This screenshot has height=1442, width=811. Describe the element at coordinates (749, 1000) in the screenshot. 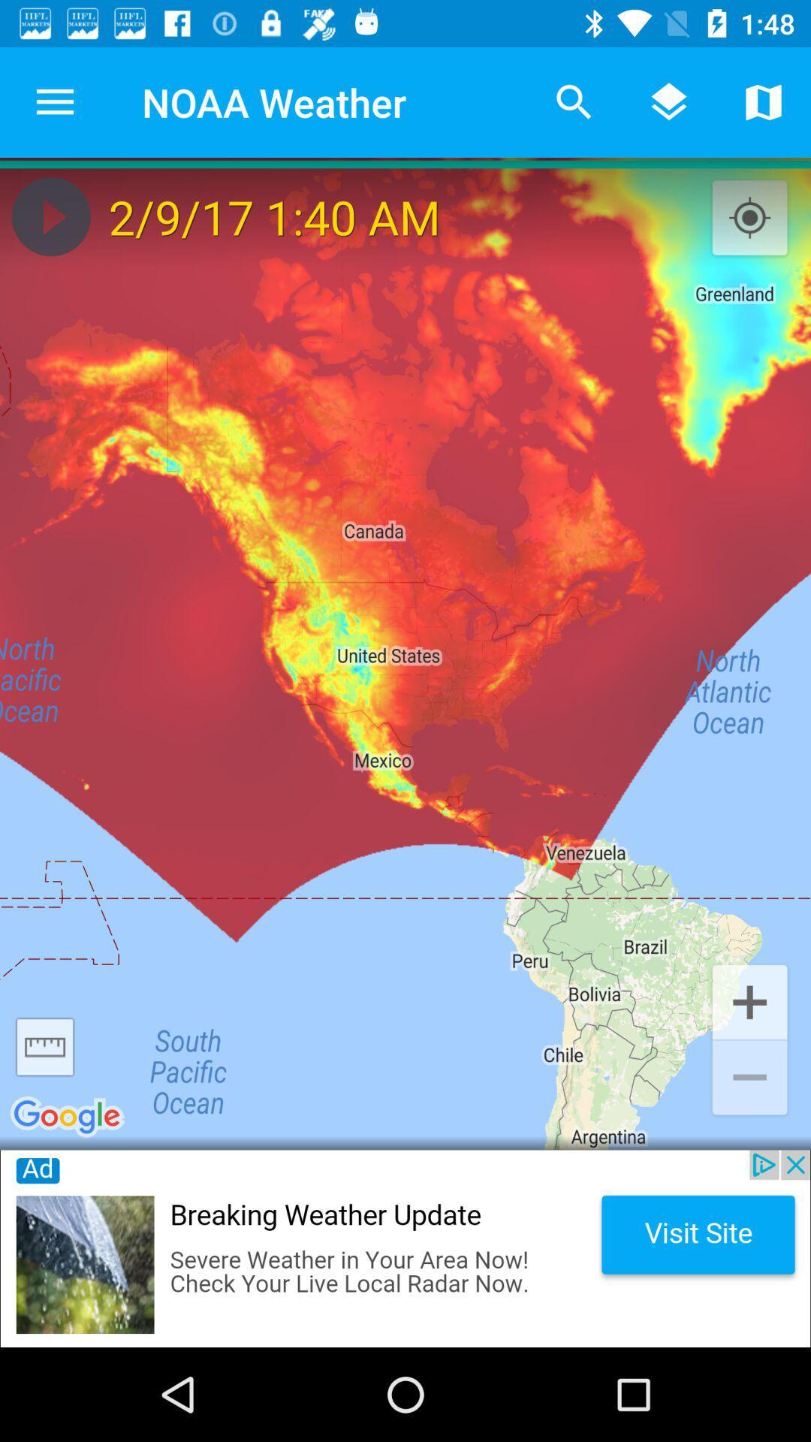

I see `the add icon` at that location.